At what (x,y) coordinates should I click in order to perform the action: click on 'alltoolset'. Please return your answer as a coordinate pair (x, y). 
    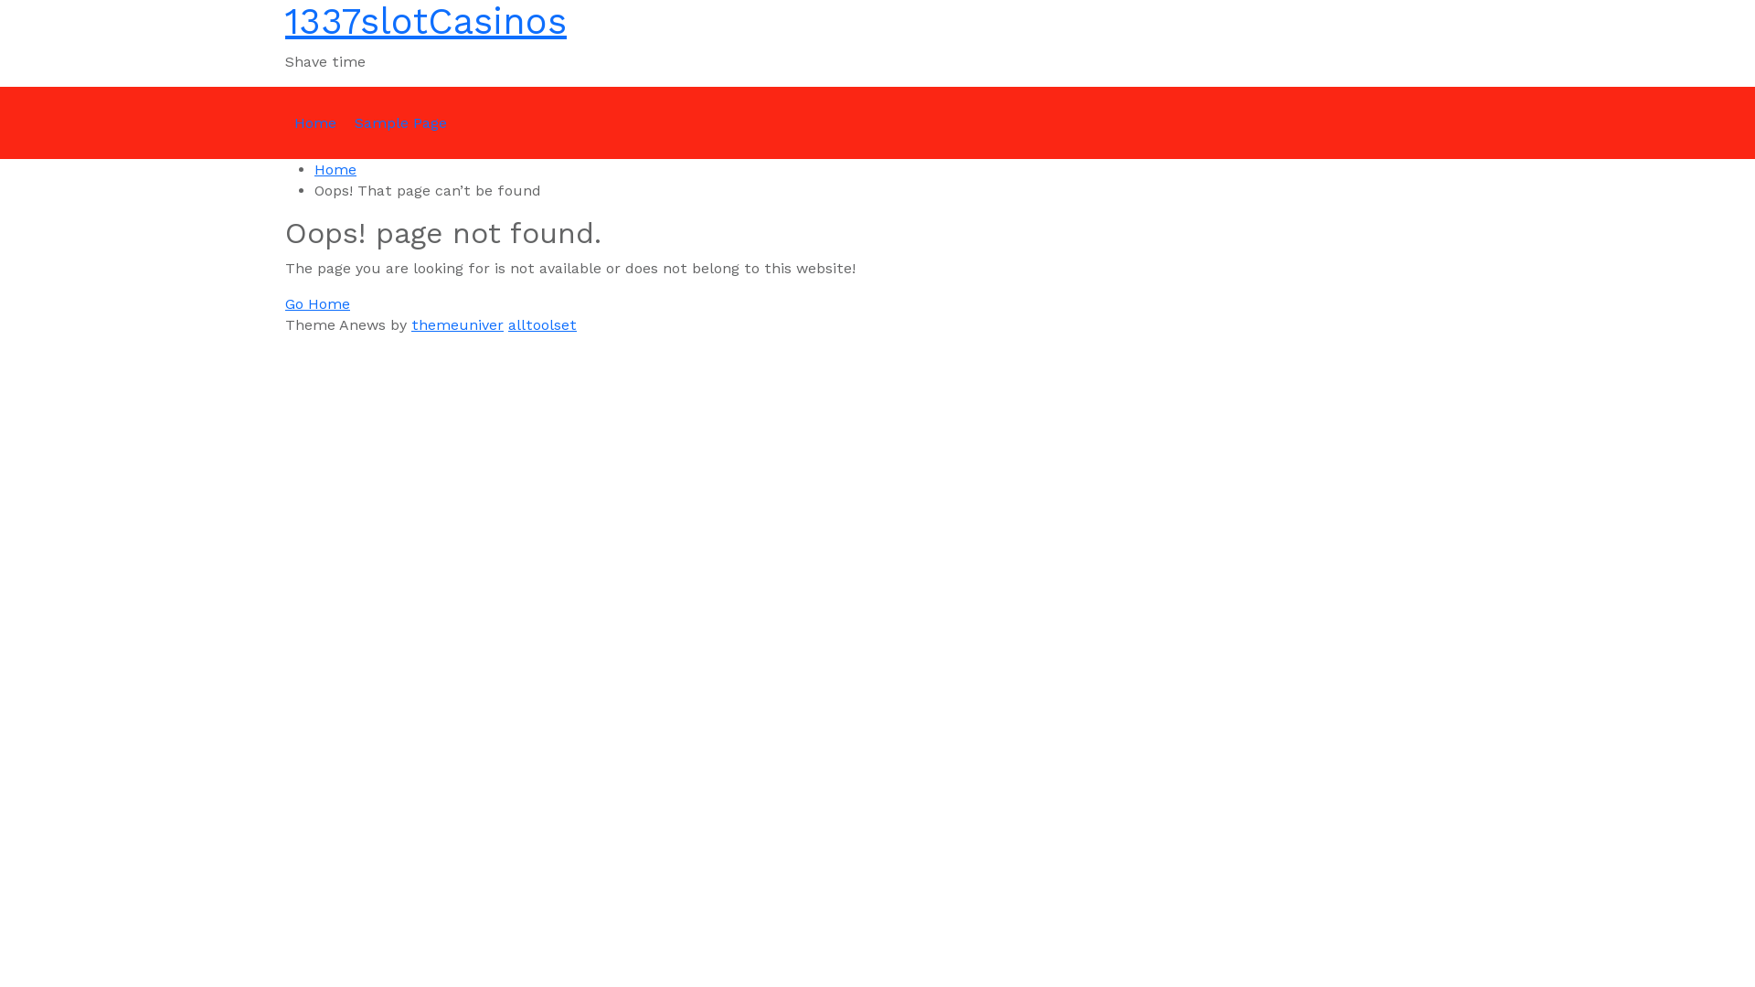
    Looking at the image, I should click on (541, 324).